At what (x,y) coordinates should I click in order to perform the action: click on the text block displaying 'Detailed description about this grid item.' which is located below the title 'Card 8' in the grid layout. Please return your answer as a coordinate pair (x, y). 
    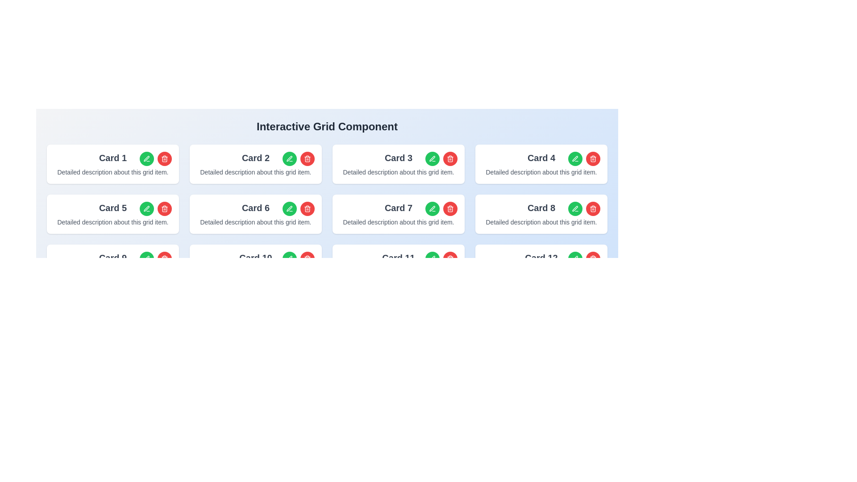
    Looking at the image, I should click on (541, 221).